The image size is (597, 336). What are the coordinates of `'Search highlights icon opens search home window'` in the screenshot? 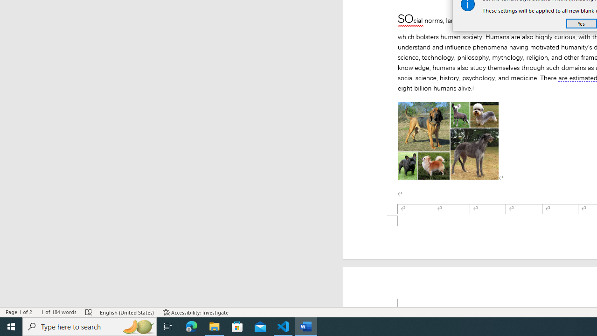 It's located at (137, 326).